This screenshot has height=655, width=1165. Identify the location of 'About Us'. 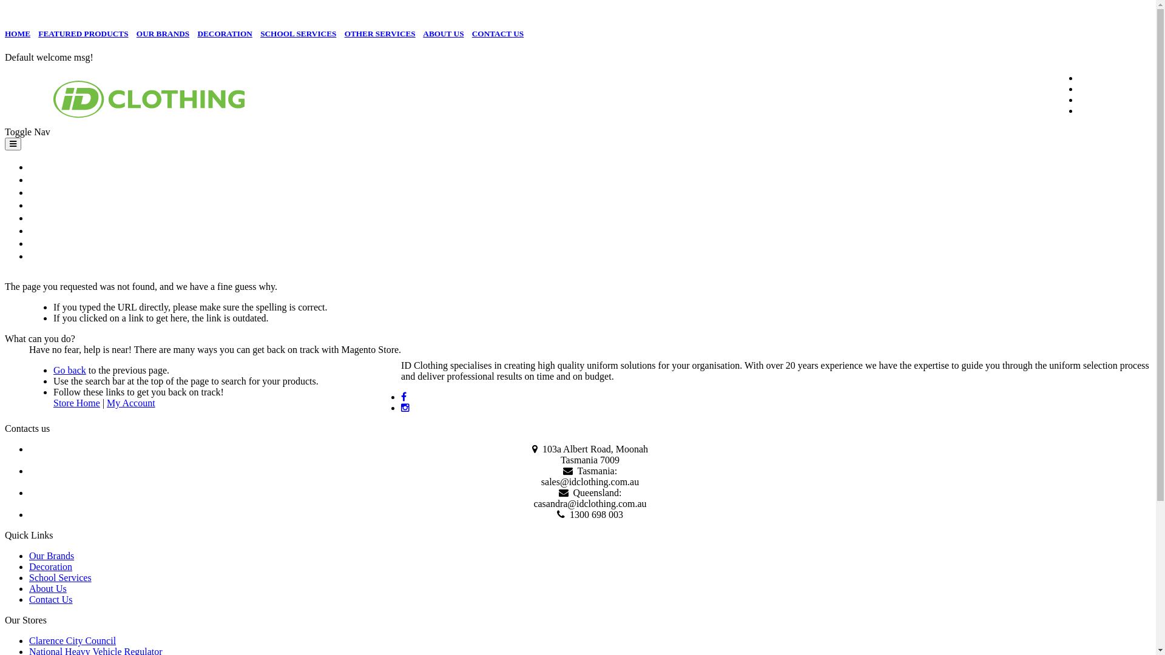
(47, 588).